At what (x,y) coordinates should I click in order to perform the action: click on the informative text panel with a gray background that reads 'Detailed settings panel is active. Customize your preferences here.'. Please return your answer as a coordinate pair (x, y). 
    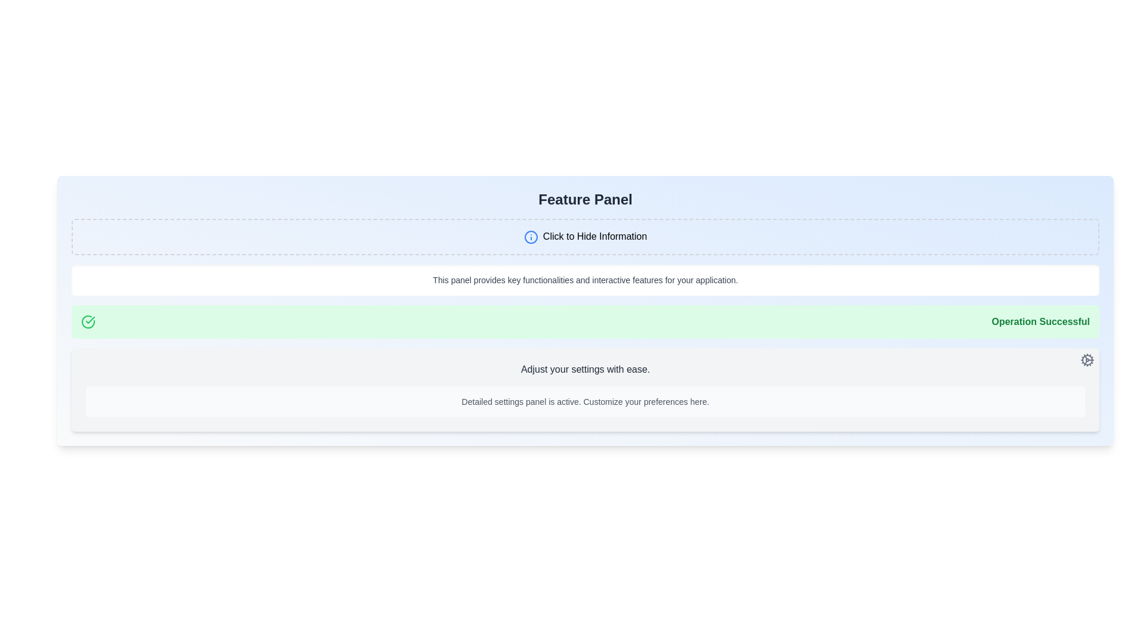
    Looking at the image, I should click on (585, 401).